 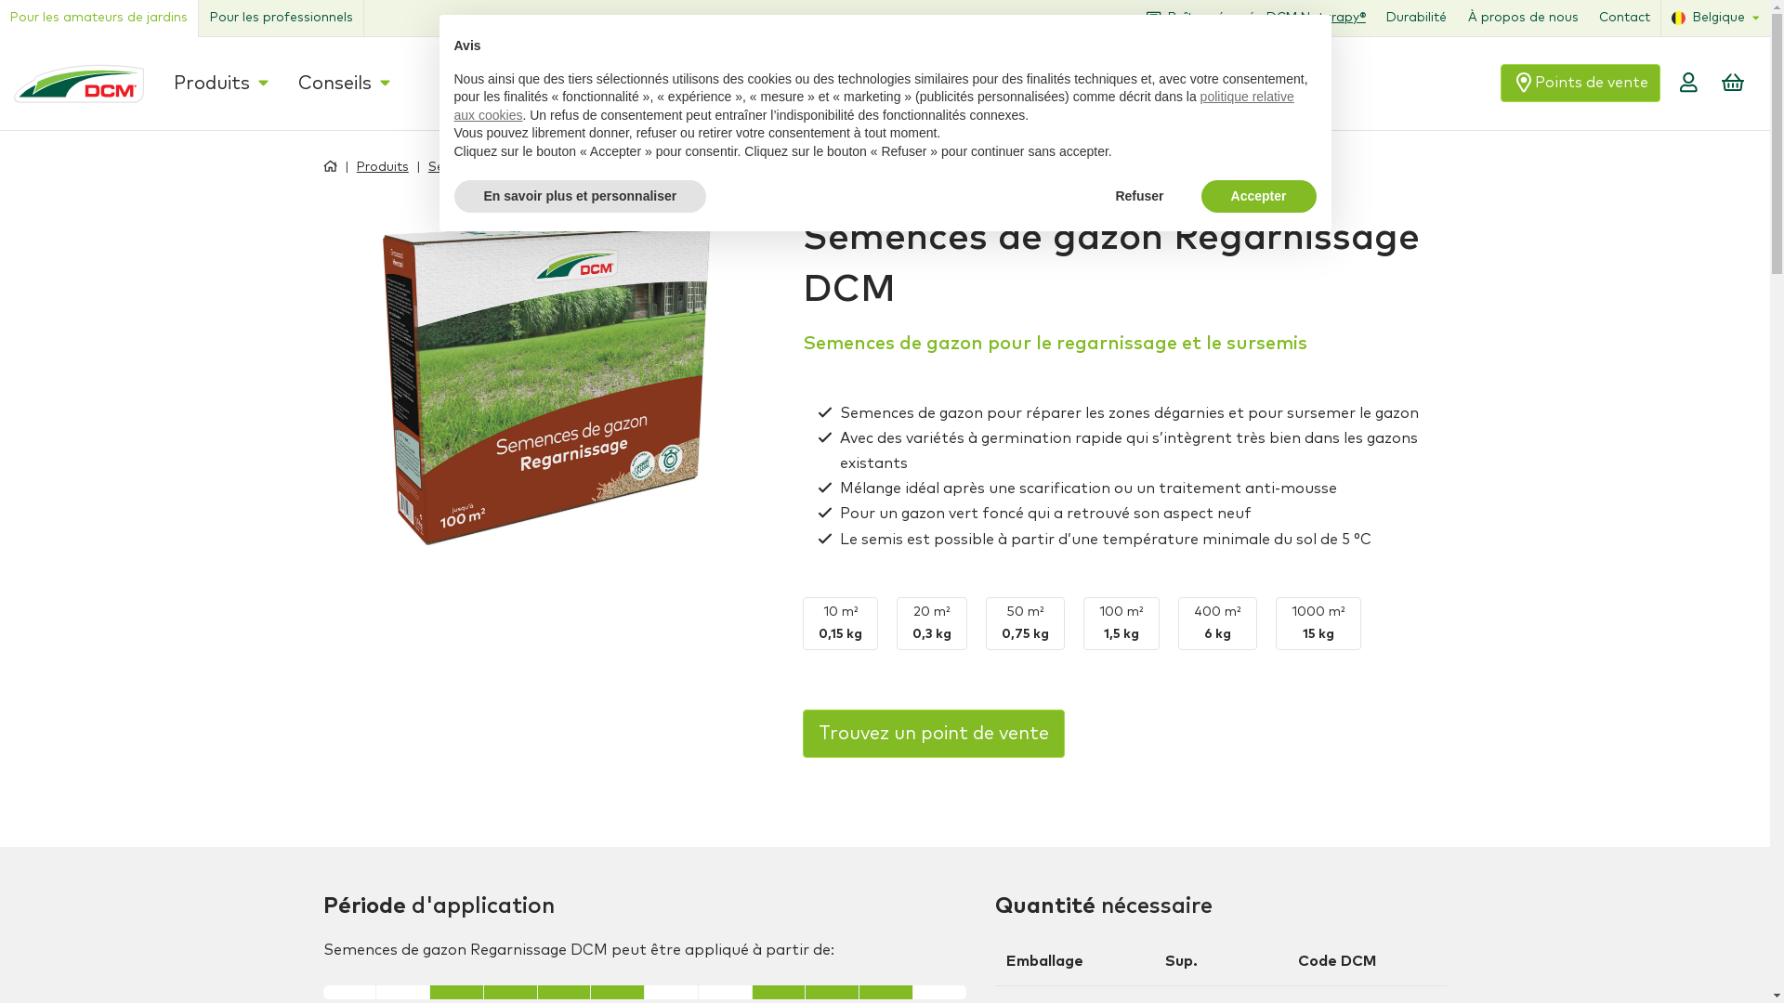 What do you see at coordinates (197, 18) in the screenshot?
I see `'Pour les professionnels'` at bounding box center [197, 18].